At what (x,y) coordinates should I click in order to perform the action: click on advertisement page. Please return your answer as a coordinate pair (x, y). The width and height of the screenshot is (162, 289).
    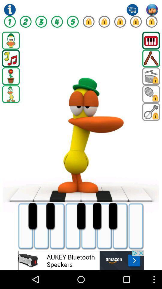
    Looking at the image, I should click on (81, 260).